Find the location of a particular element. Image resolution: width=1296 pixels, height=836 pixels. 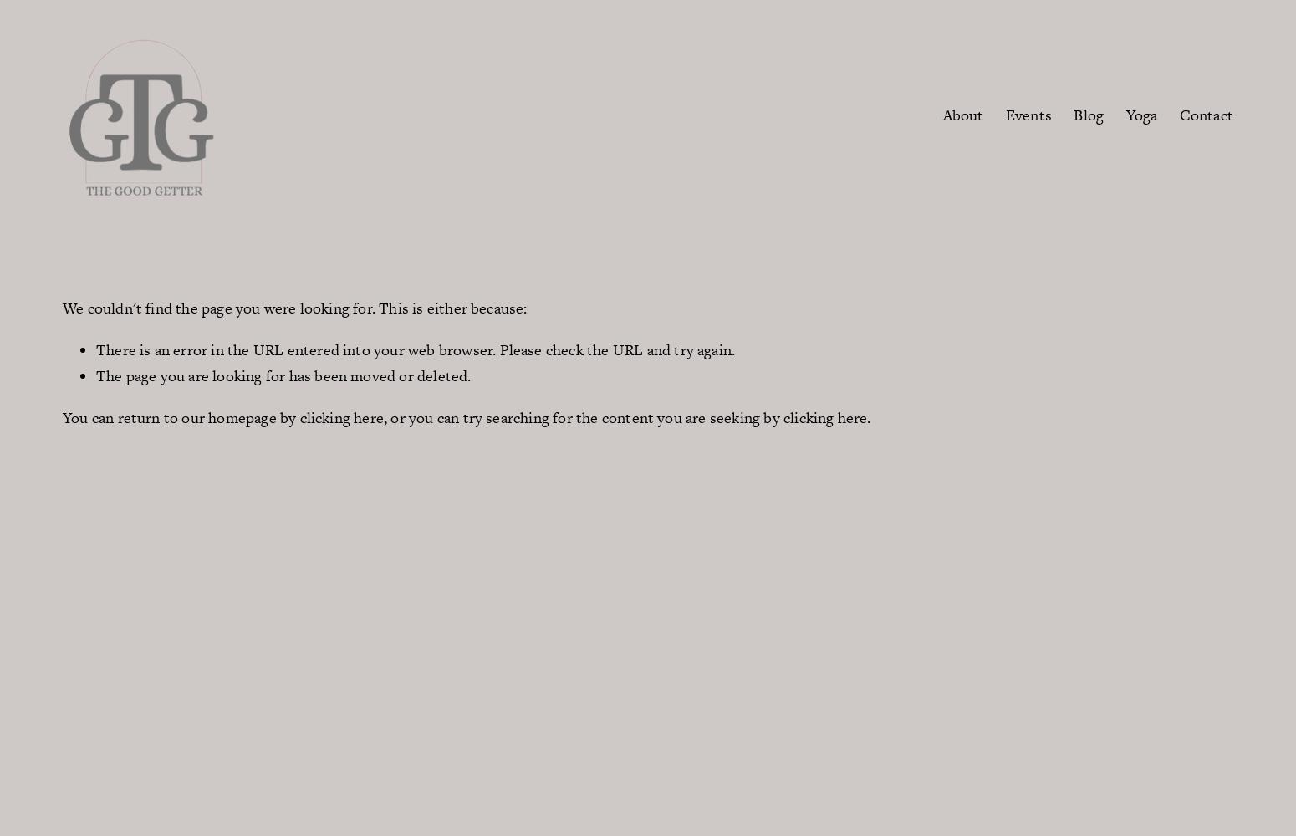

'Events' is located at coordinates (1028, 114).